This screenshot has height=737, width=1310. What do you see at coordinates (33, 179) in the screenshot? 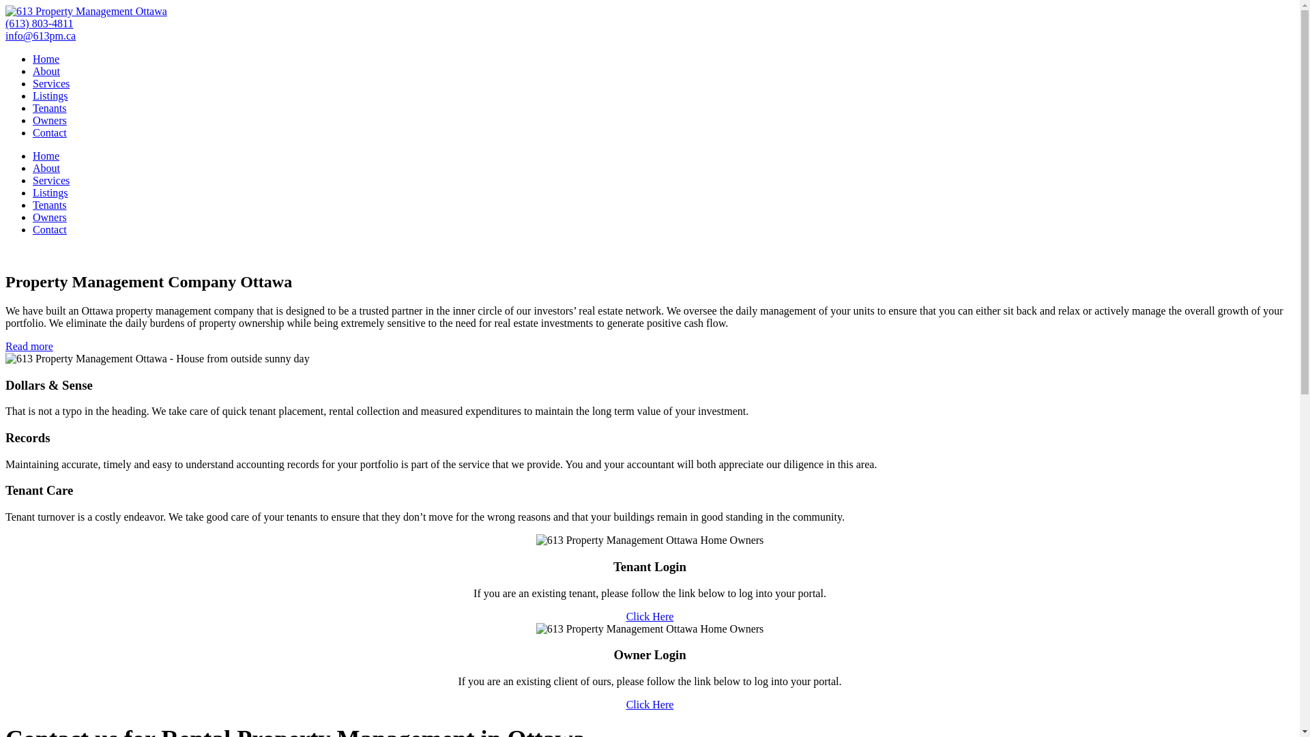
I see `'Services'` at bounding box center [33, 179].